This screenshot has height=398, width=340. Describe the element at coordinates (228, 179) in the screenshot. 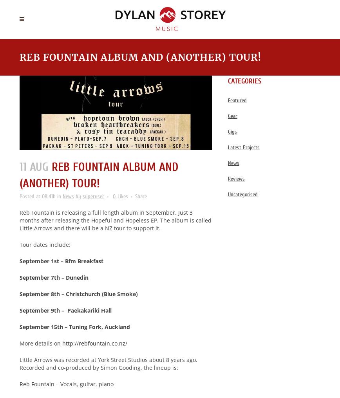

I see `'Reviews'` at that location.